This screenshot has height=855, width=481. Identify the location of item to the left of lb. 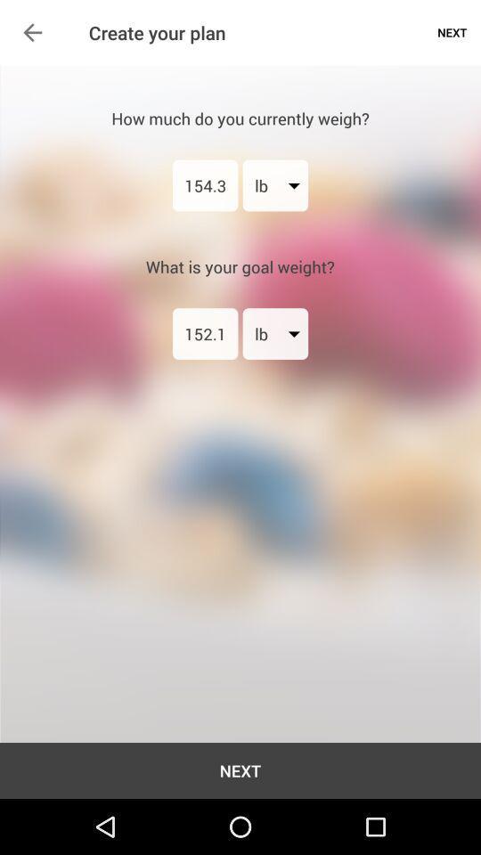
(204, 332).